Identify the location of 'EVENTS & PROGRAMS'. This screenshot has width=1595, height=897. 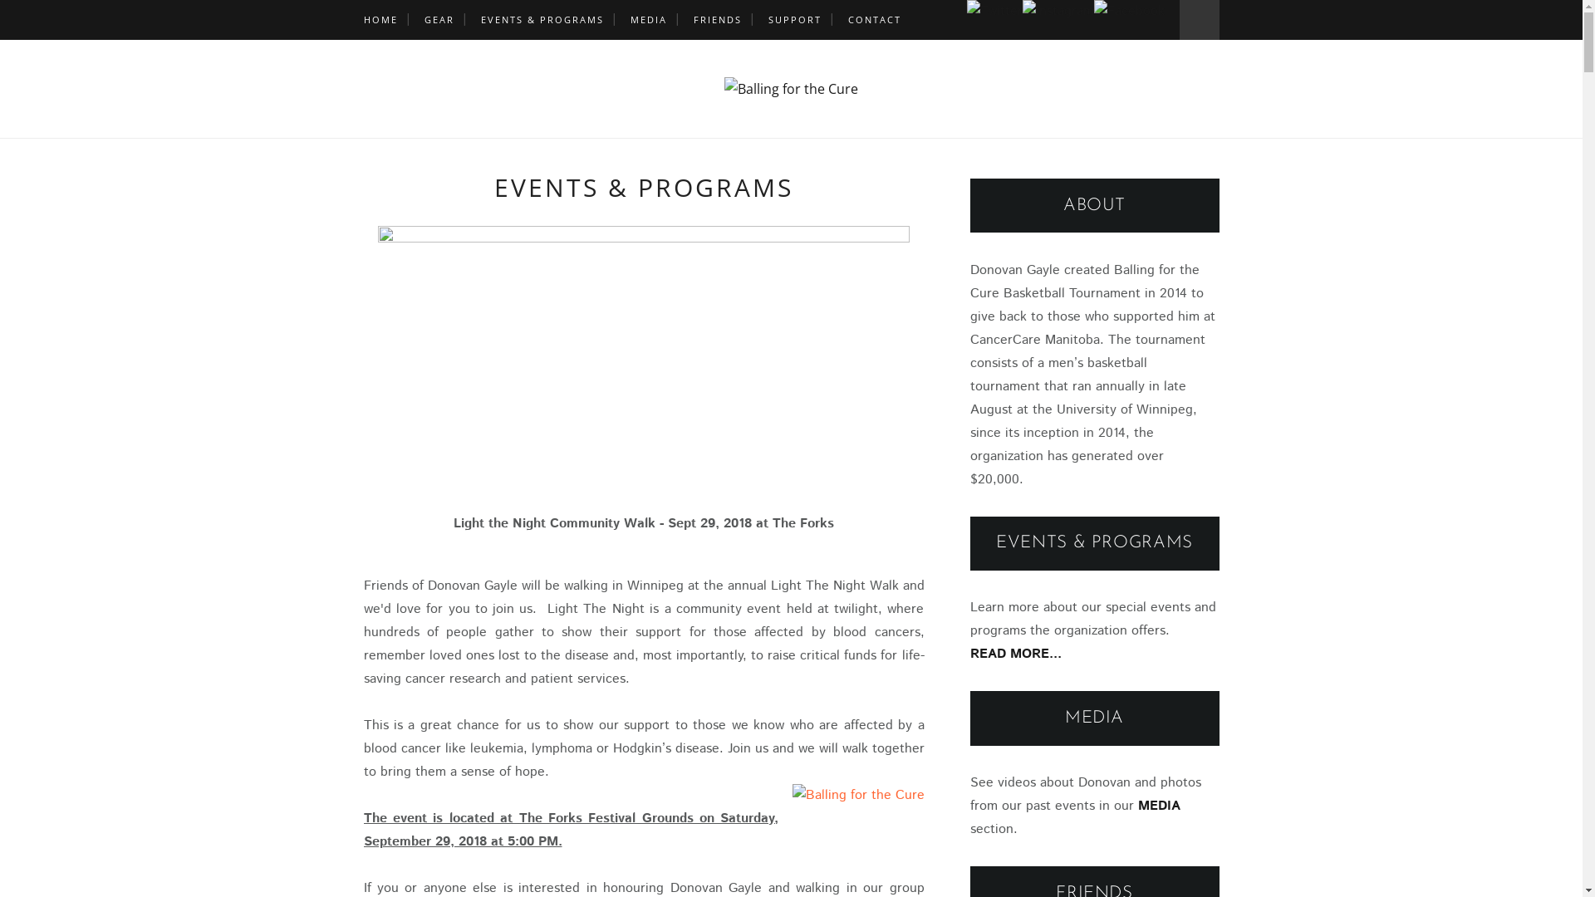
(542, 19).